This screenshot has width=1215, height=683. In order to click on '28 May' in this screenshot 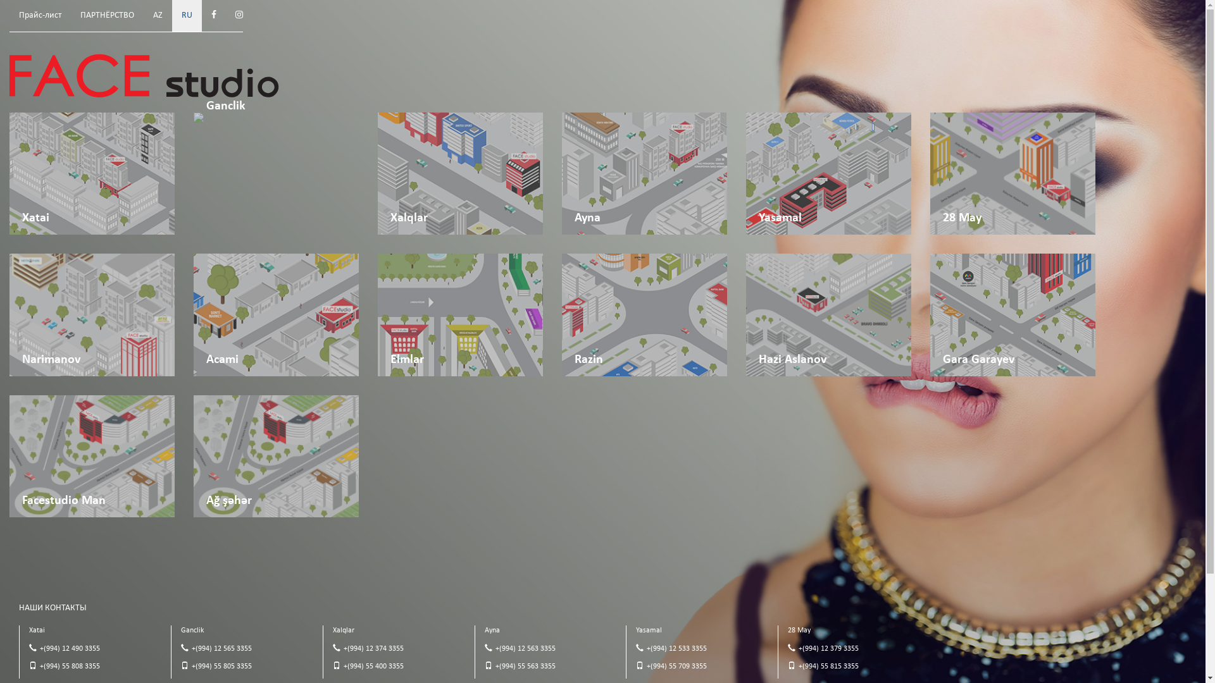, I will do `click(930, 173)`.